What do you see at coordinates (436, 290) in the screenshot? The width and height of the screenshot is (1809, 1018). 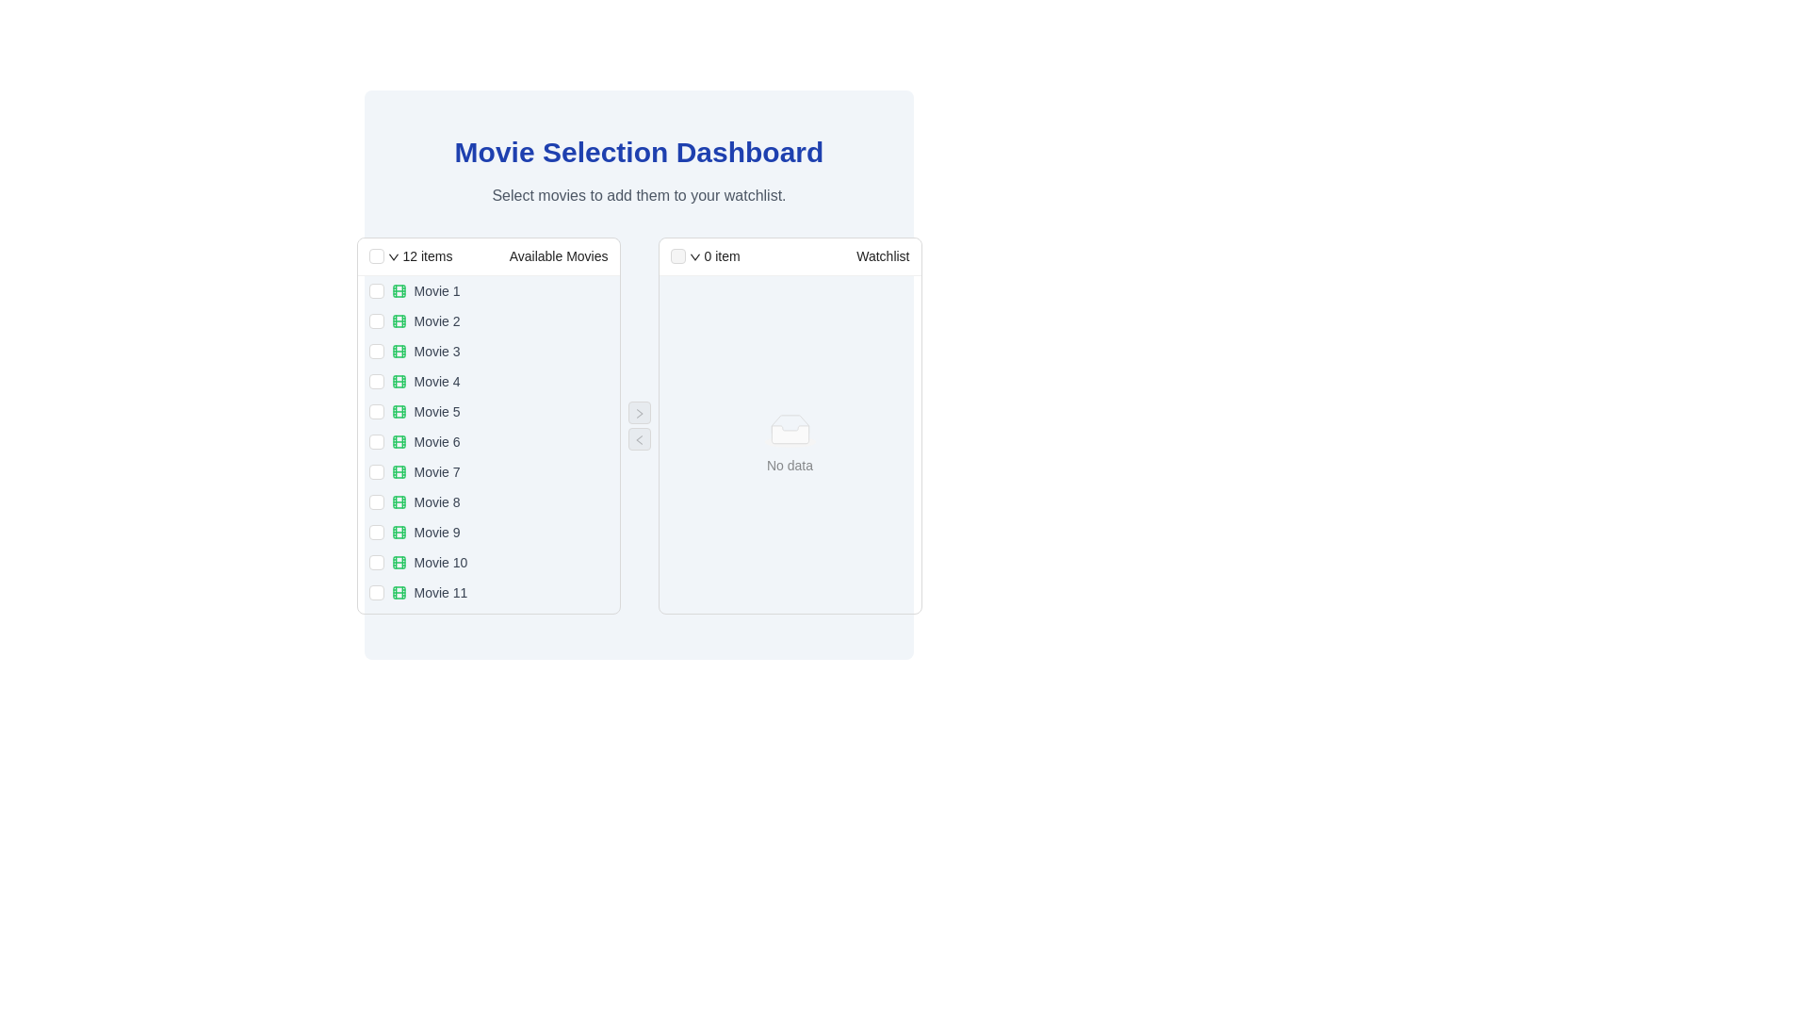 I see `text of the label identified as 'Movie 1', which is the first entry in the 'Available Movies' section` at bounding box center [436, 290].